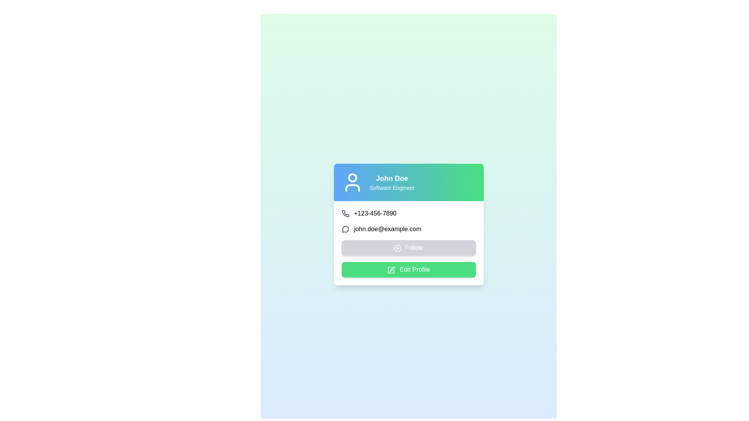 This screenshot has width=749, height=421. Describe the element at coordinates (391, 269) in the screenshot. I see `the pen icon within the green 'Edit Profile' button, which is positioned near the center bottom of the visible card interface` at that location.